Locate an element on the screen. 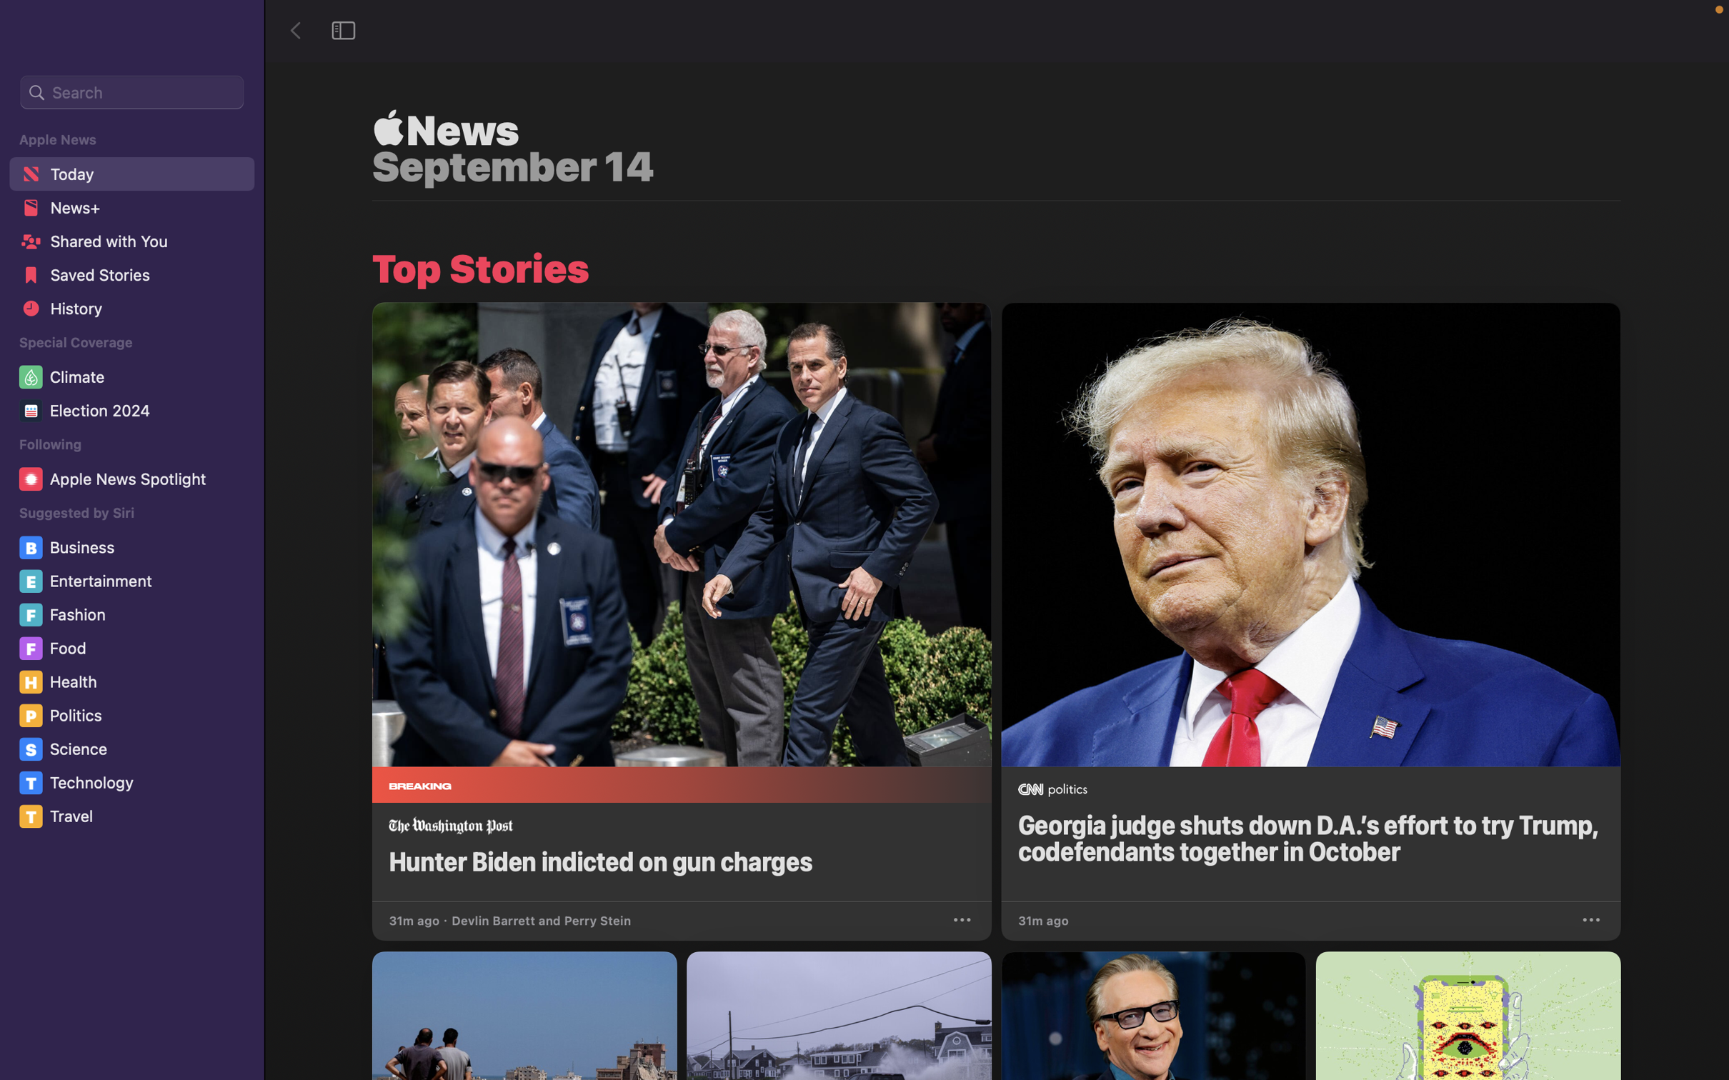  the "Travel" part of the website is located at coordinates (135, 816).